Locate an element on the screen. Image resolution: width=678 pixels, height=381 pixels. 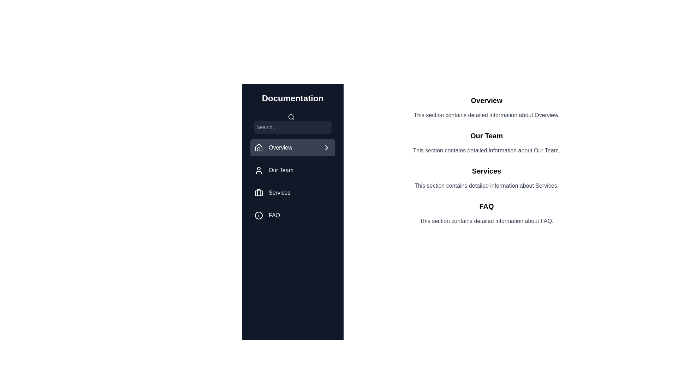
the text label that contains the sentence 'This section contains detailed information about Services.', which is styled in medium-sized gray font and positioned below the 'Services' header is located at coordinates (486, 186).